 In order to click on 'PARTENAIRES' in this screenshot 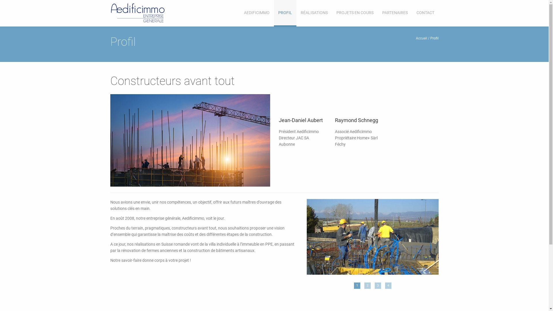, I will do `click(395, 13)`.